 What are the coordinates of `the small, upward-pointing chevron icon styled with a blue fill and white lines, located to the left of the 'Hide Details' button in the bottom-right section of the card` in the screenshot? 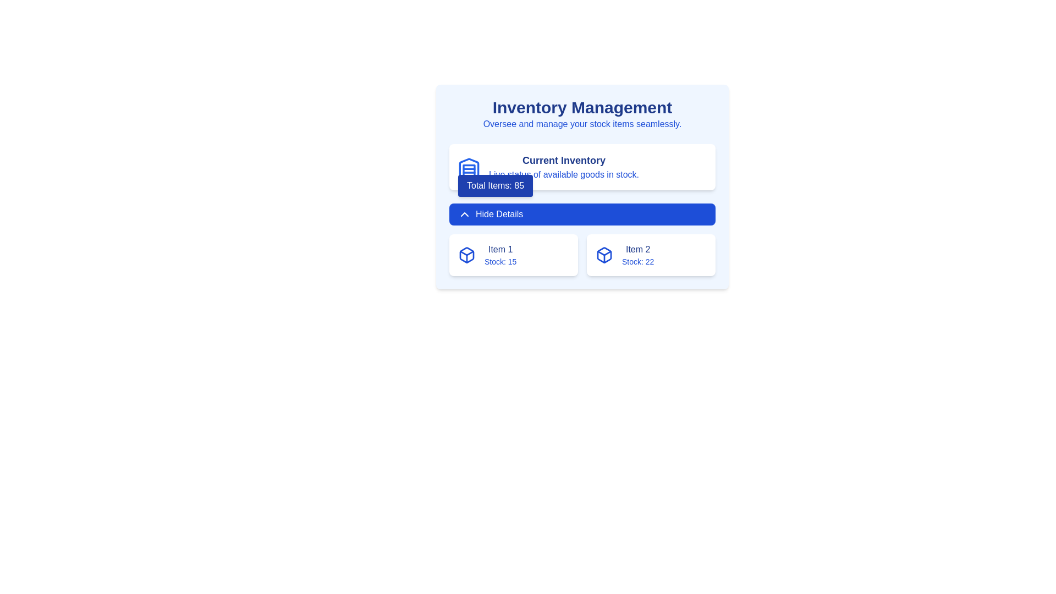 It's located at (464, 214).